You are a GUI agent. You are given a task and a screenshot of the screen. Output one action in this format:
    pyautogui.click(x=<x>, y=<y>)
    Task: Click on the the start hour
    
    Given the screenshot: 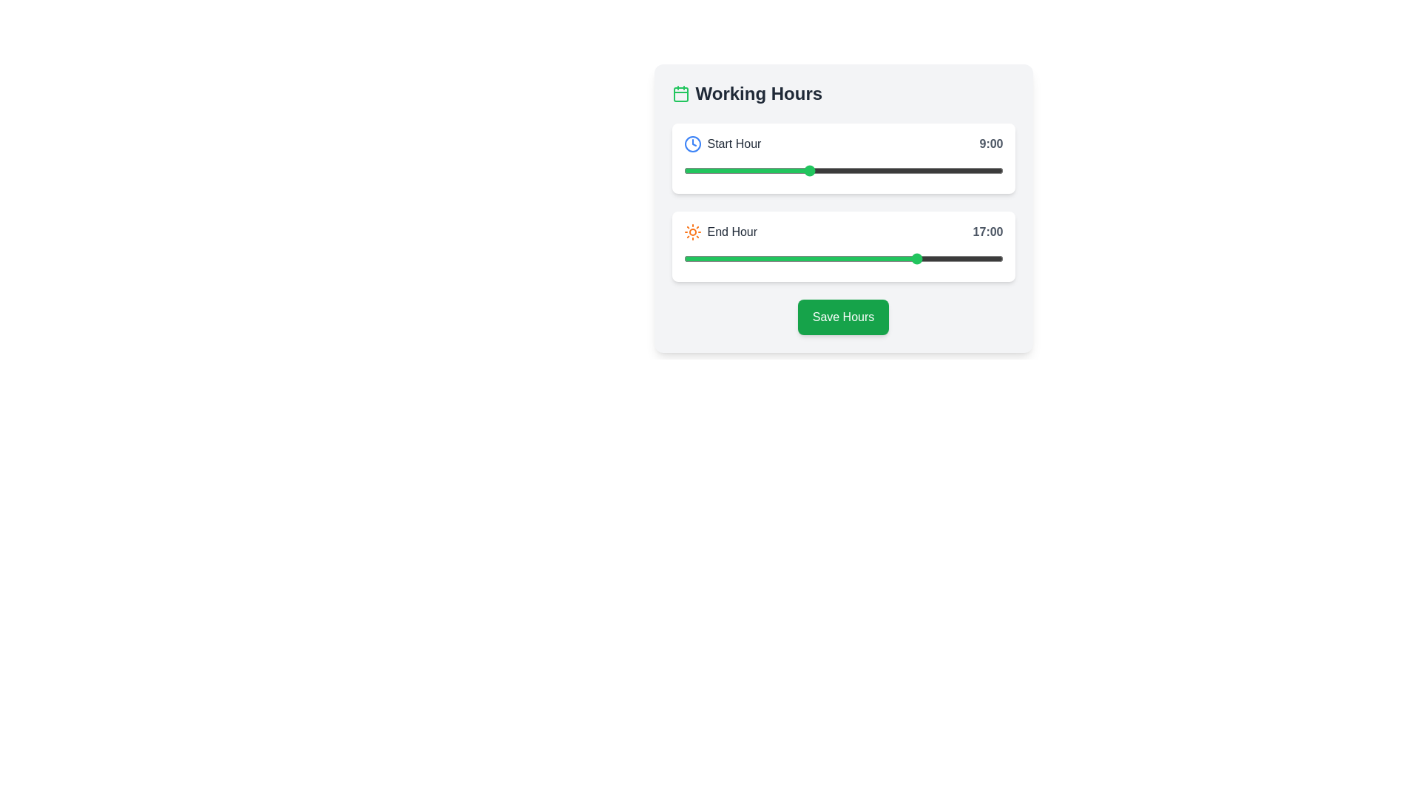 What is the action you would take?
    pyautogui.click(x=947, y=170)
    